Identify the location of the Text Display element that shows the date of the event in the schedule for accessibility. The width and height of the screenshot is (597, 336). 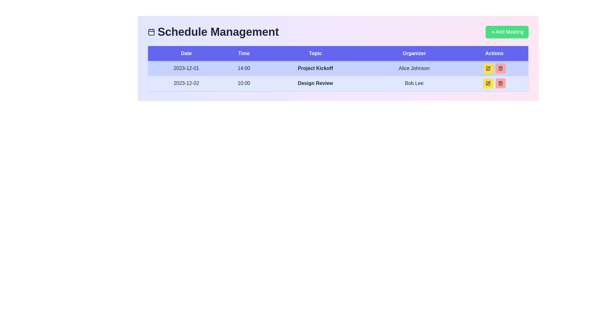
(186, 68).